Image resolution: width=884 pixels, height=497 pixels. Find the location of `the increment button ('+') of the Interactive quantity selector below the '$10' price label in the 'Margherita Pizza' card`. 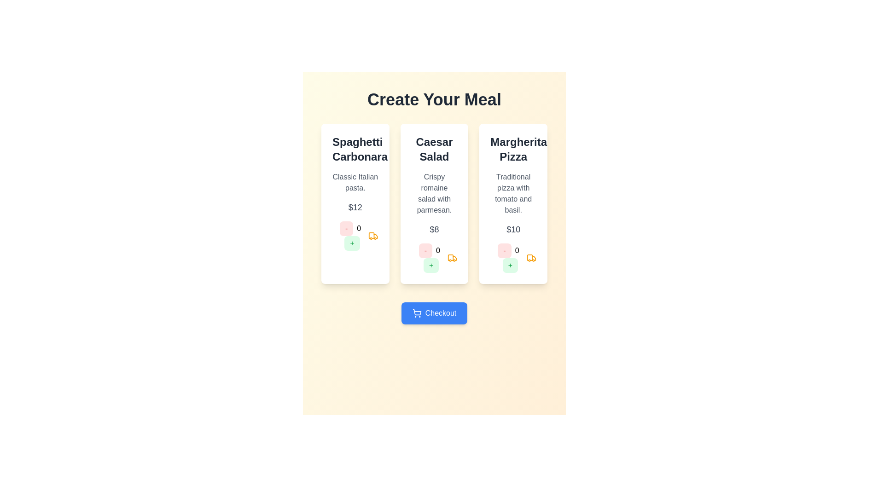

the increment button ('+') of the Interactive quantity selector below the '$10' price label in the 'Margherita Pizza' card is located at coordinates (513, 258).